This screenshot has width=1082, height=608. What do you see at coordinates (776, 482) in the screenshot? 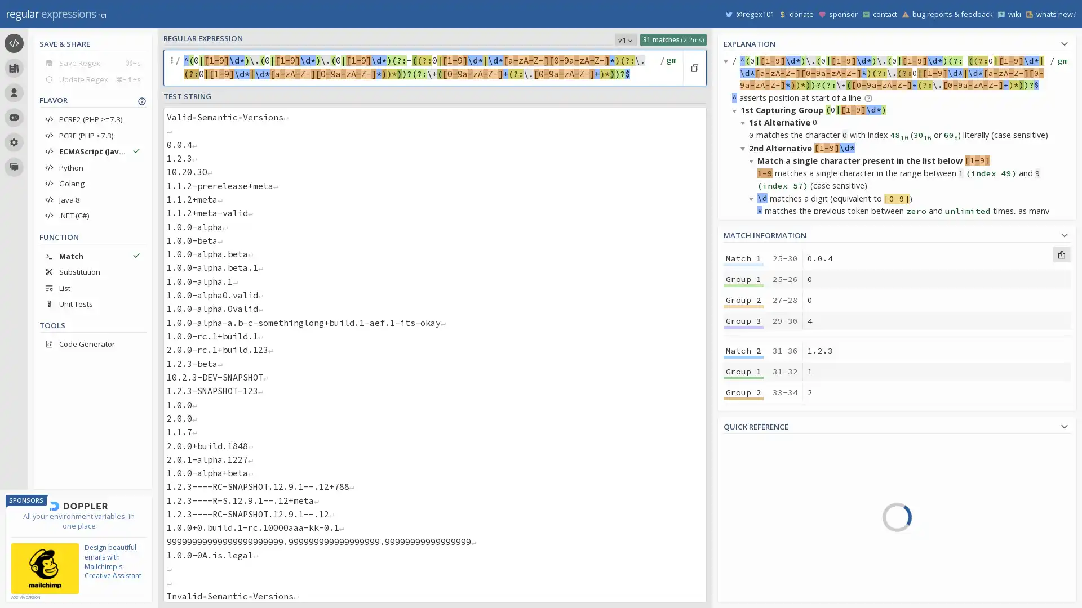
I see `Common Tokens` at bounding box center [776, 482].